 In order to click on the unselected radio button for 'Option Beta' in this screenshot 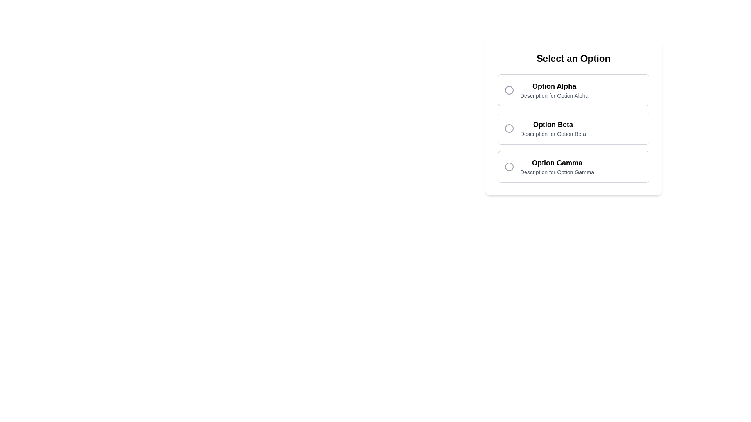, I will do `click(509, 128)`.